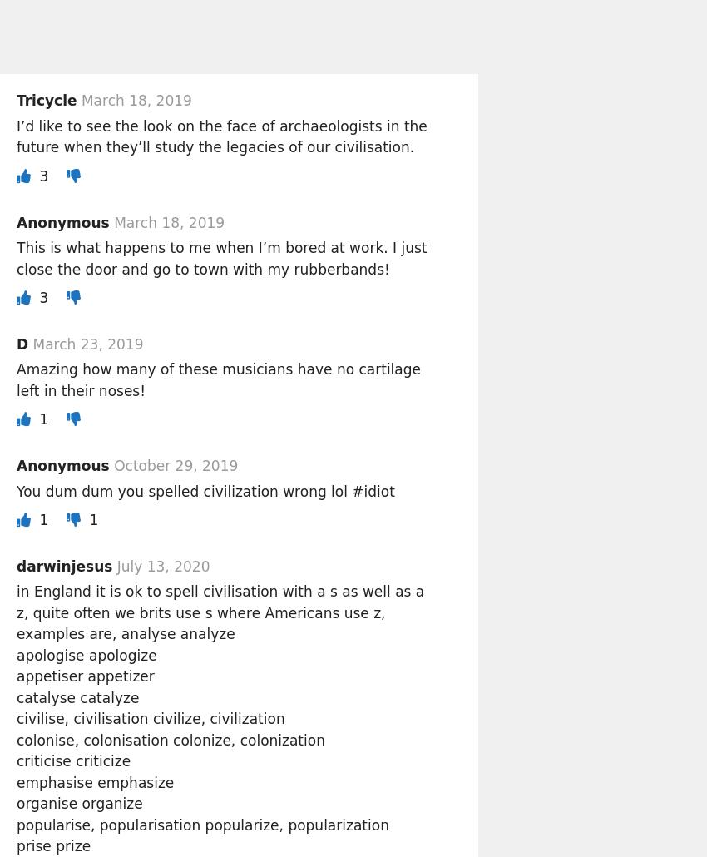 The width and height of the screenshot is (707, 857). I want to click on 'popularise, popularisation	popularize, popularization', so click(202, 823).